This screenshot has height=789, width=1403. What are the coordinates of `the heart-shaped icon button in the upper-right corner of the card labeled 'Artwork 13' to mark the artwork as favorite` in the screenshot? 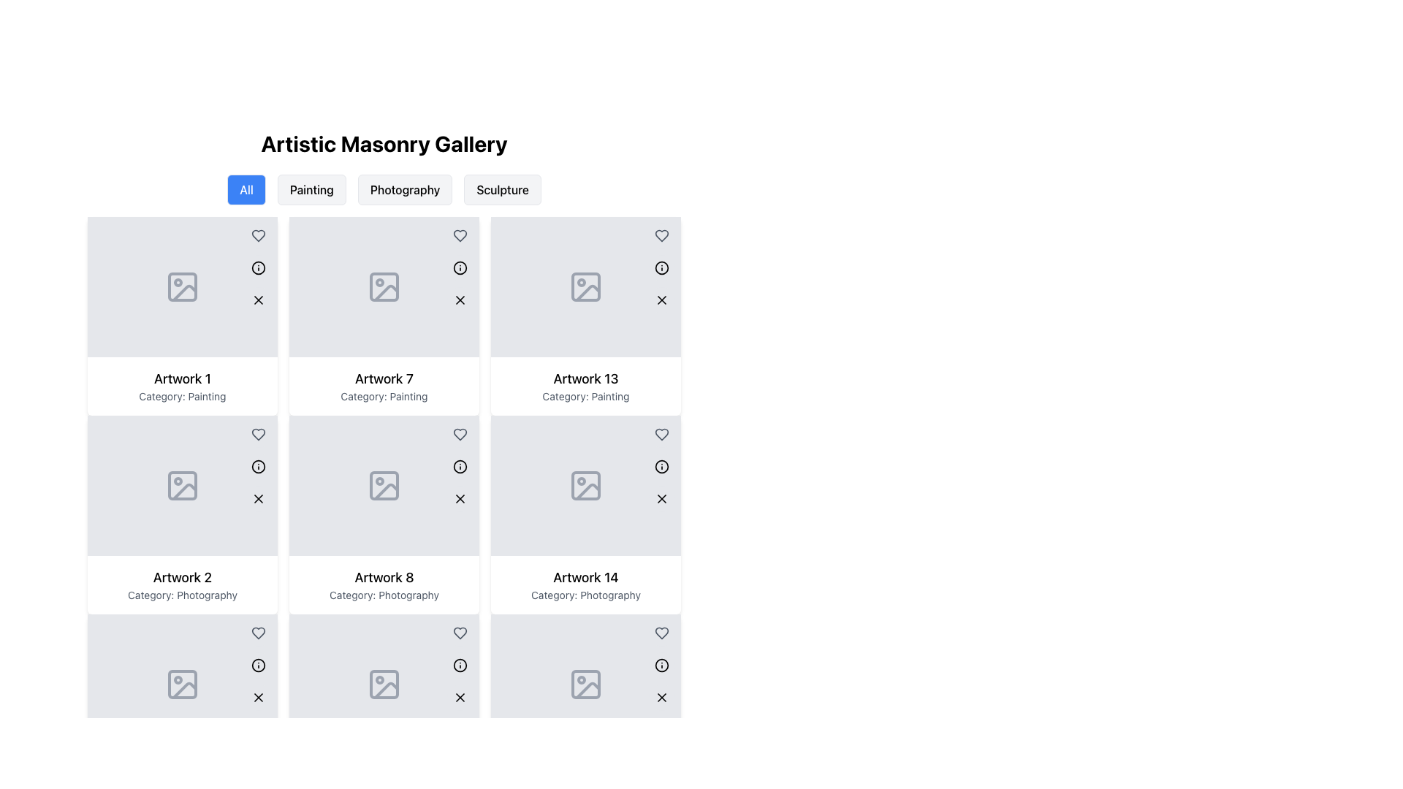 It's located at (661, 235).